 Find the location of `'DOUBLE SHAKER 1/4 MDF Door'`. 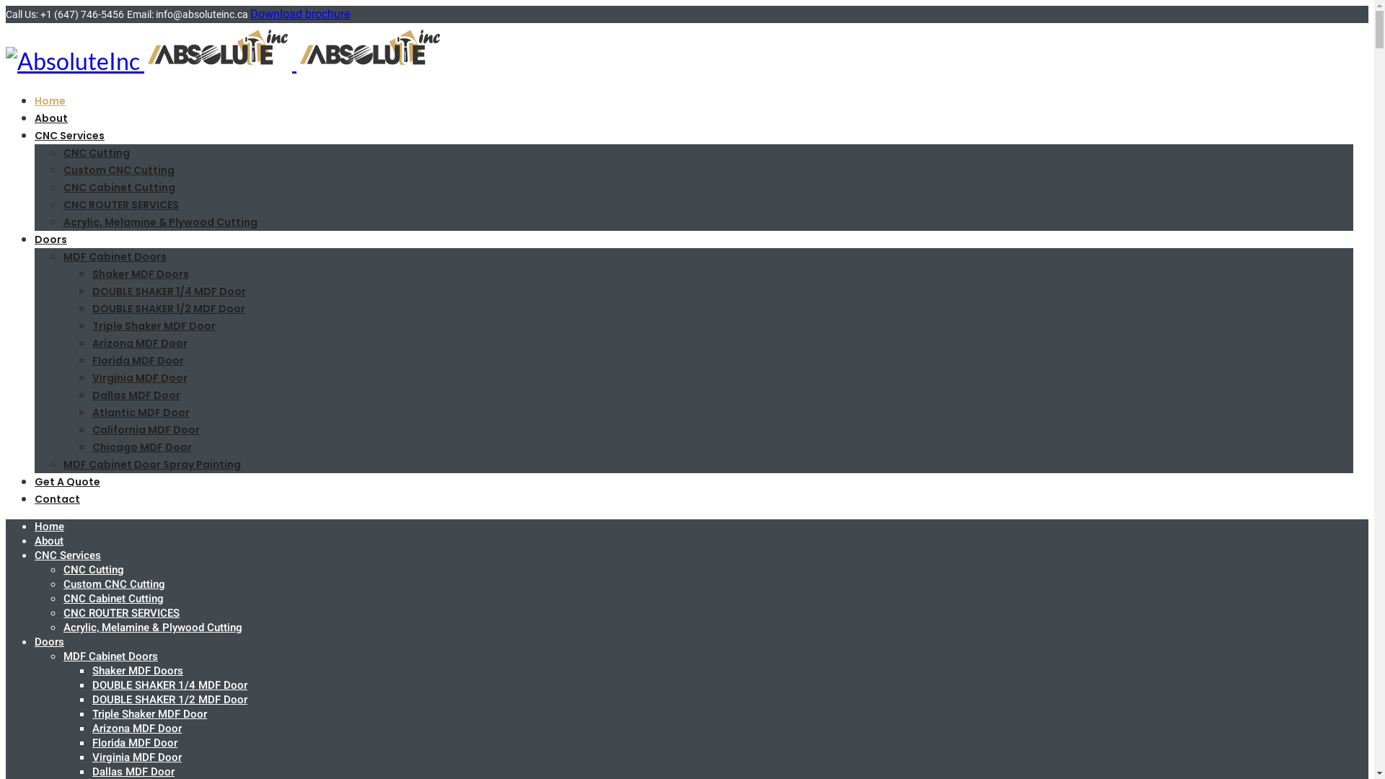

'DOUBLE SHAKER 1/4 MDF Door' is located at coordinates (92, 684).